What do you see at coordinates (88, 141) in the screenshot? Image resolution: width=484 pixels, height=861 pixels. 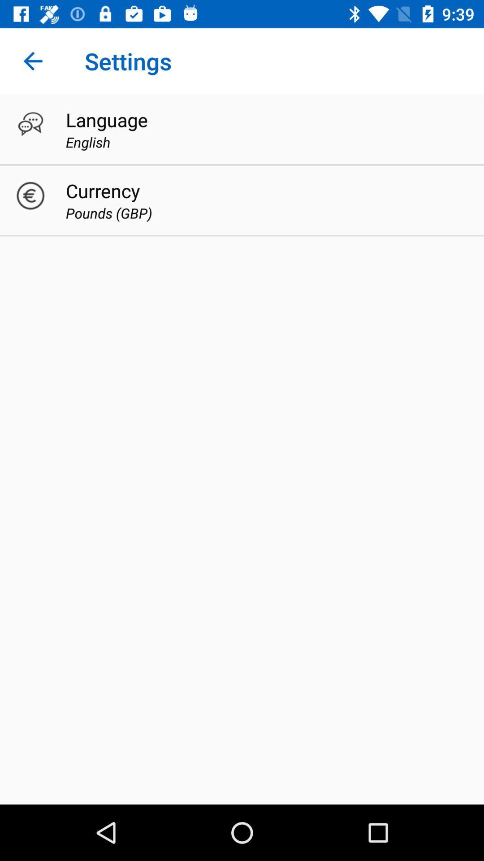 I see `english item` at bounding box center [88, 141].